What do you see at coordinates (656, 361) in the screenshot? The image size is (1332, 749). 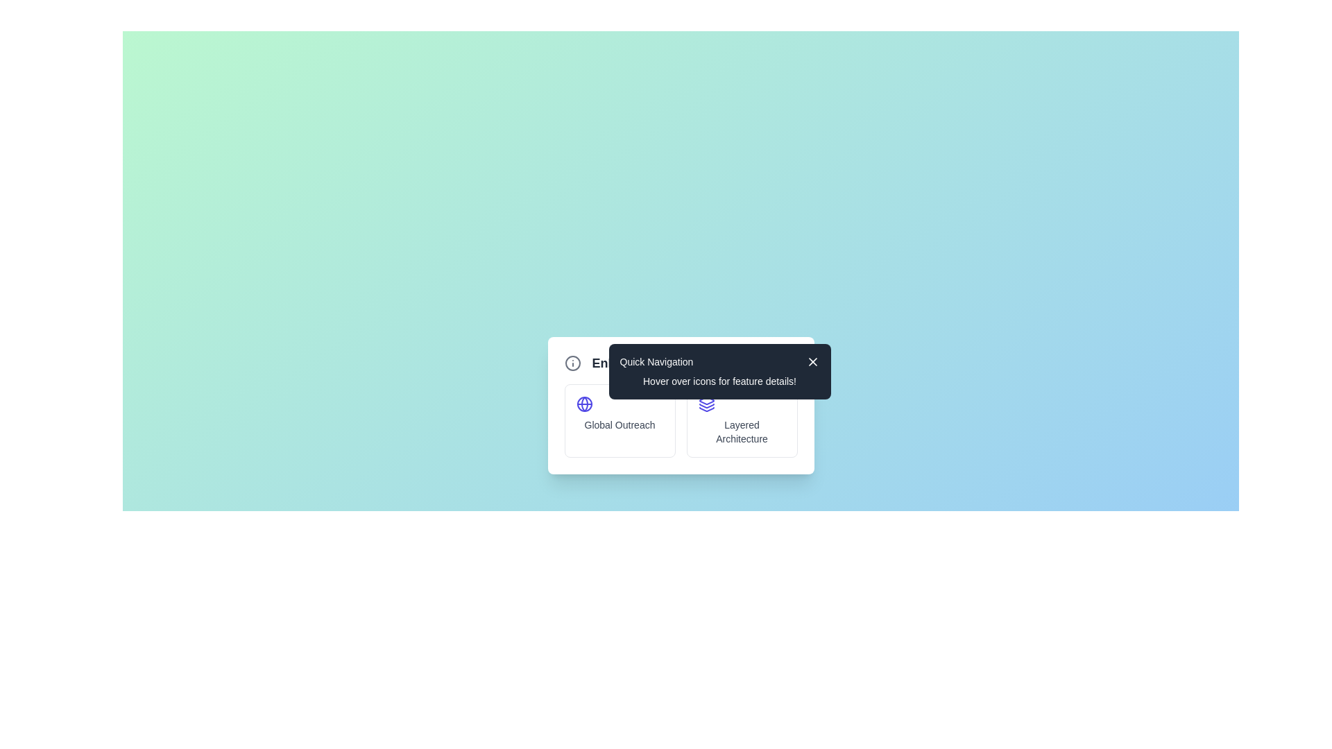 I see `the text label located at the upper-center part of the dark header panel to trigger further information display` at bounding box center [656, 361].